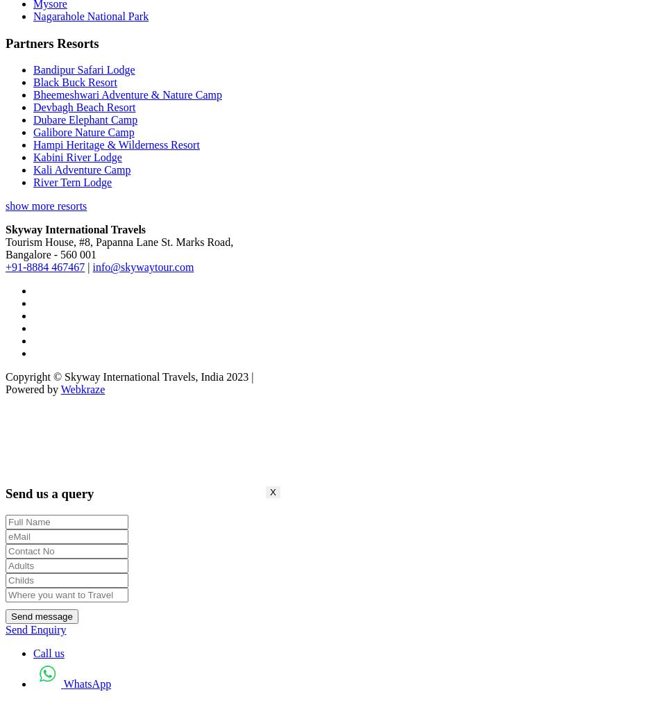  What do you see at coordinates (273, 600) in the screenshot?
I see `'X'` at bounding box center [273, 600].